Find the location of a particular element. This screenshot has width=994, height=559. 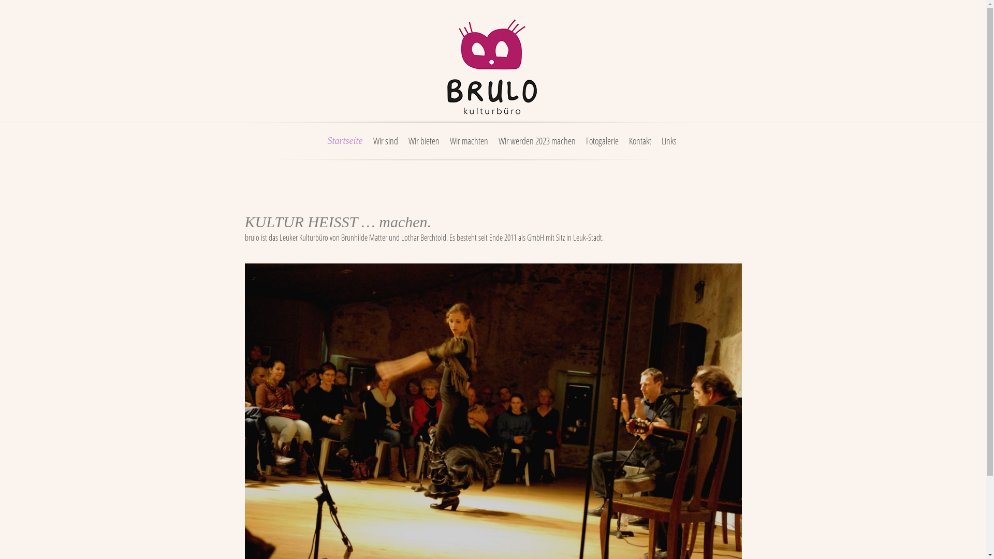

'Wir werden 2023 machen' is located at coordinates (536, 147).